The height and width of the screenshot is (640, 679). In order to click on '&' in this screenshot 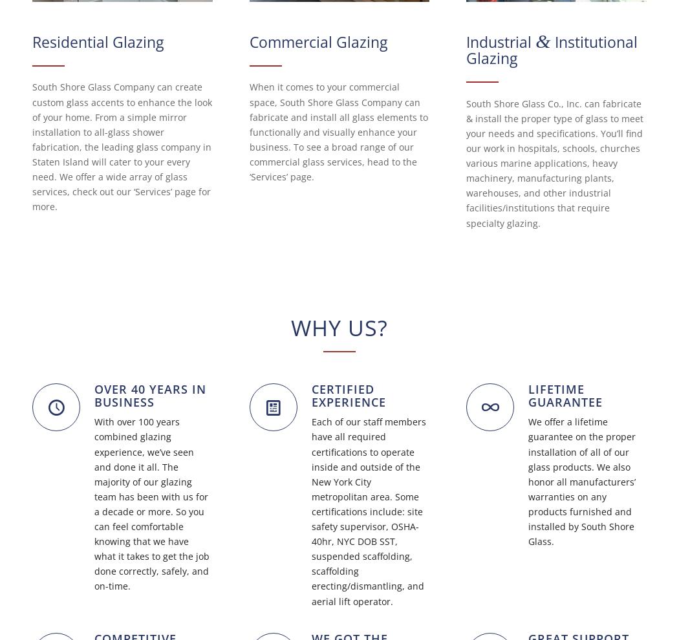, I will do `click(535, 41)`.